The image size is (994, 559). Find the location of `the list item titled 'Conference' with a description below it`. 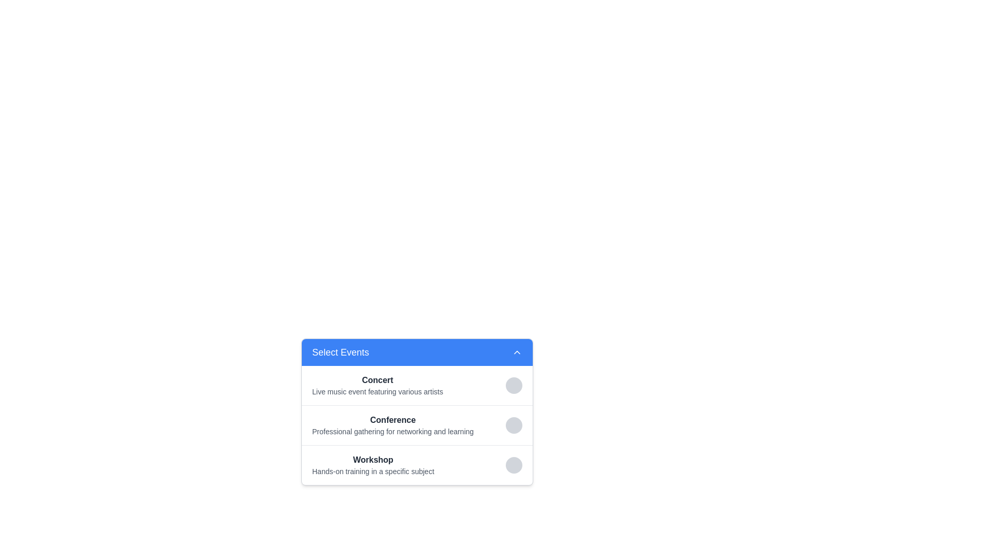

the list item titled 'Conference' with a description below it is located at coordinates (417, 425).